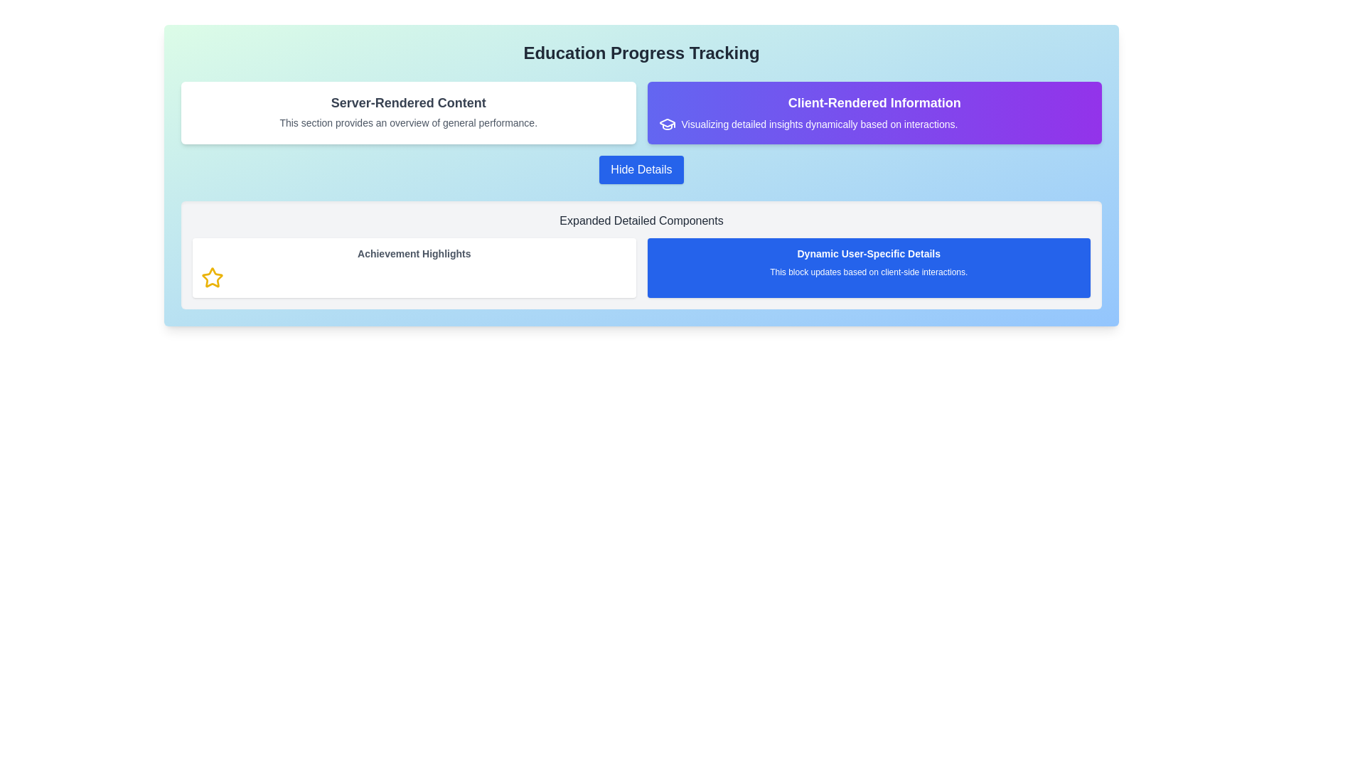  Describe the element at coordinates (641, 221) in the screenshot. I see `the title/header text label element that serves as a descriptive label for the section, located centrally above 'Achievement Highlights' and 'Dynamic User-Specific Details'` at that location.